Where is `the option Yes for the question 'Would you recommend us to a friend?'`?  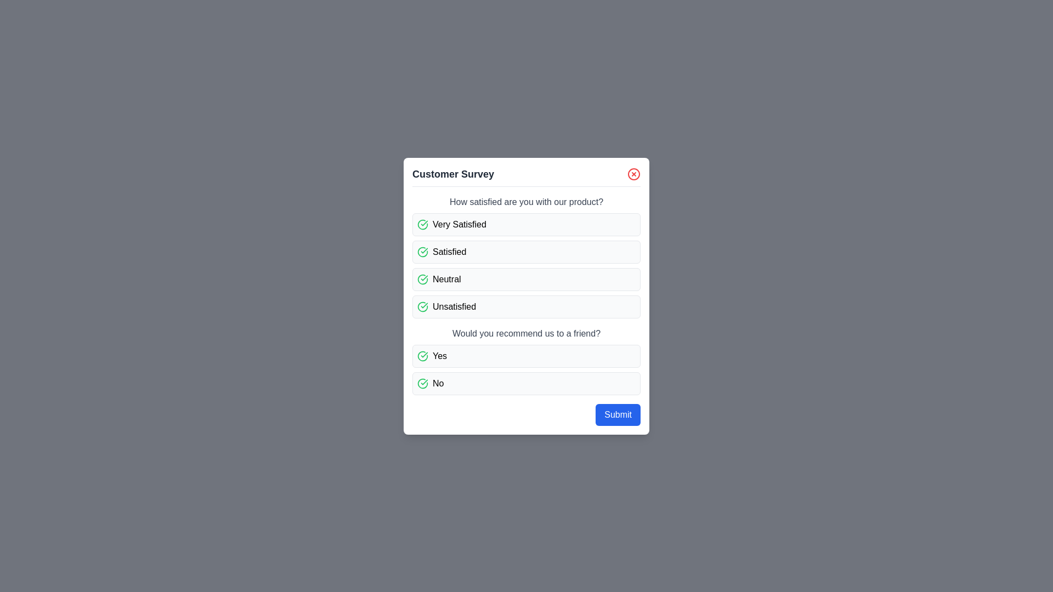
the option Yes for the question 'Would you recommend us to a friend?' is located at coordinates (526, 356).